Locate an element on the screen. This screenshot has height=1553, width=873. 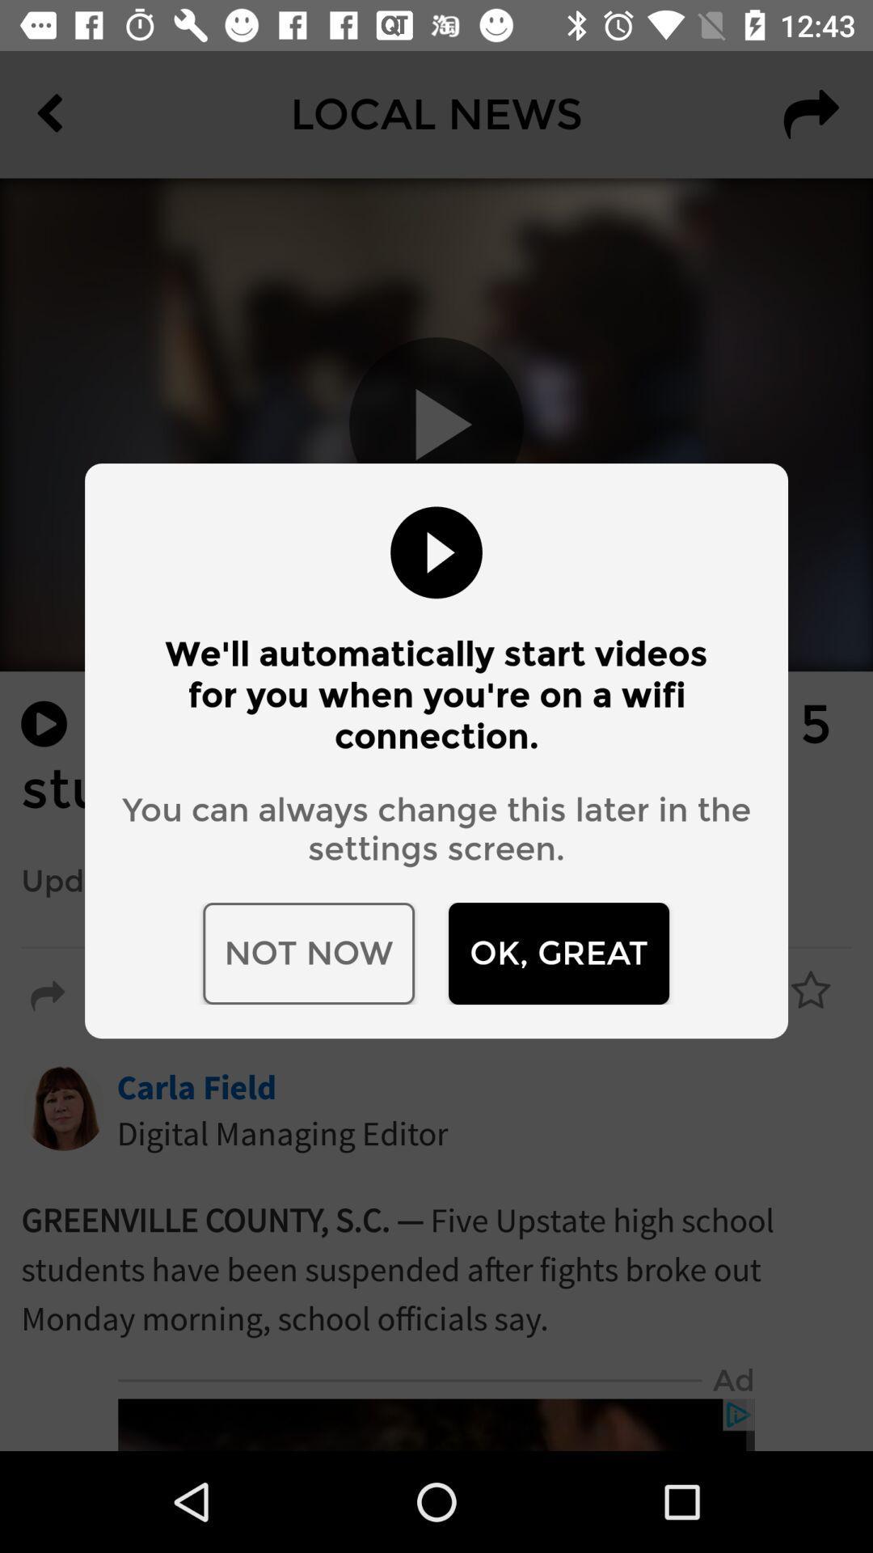
the redo icon is located at coordinates (811, 113).